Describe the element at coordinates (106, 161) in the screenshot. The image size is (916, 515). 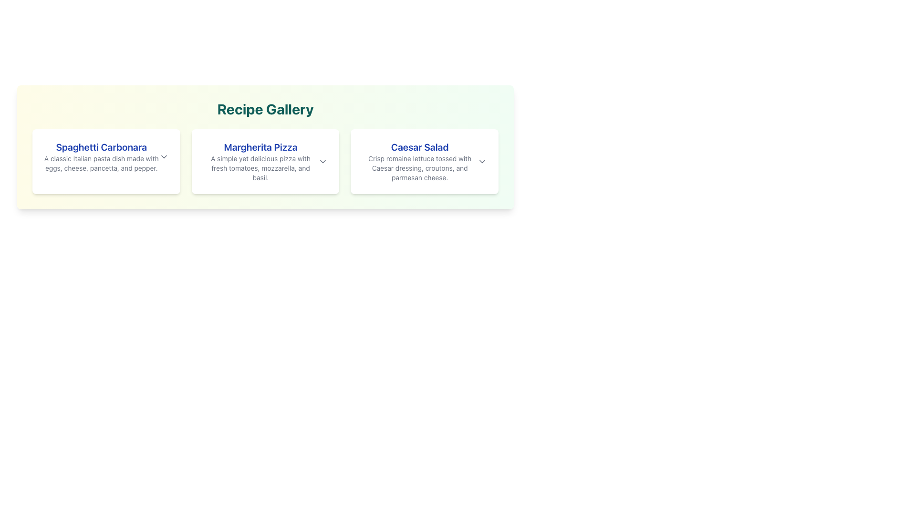
I see `the first Information Card in the Recipe Gallery with a white background, featuring a bold blue headline 'Spaghetti Carbonara'` at that location.